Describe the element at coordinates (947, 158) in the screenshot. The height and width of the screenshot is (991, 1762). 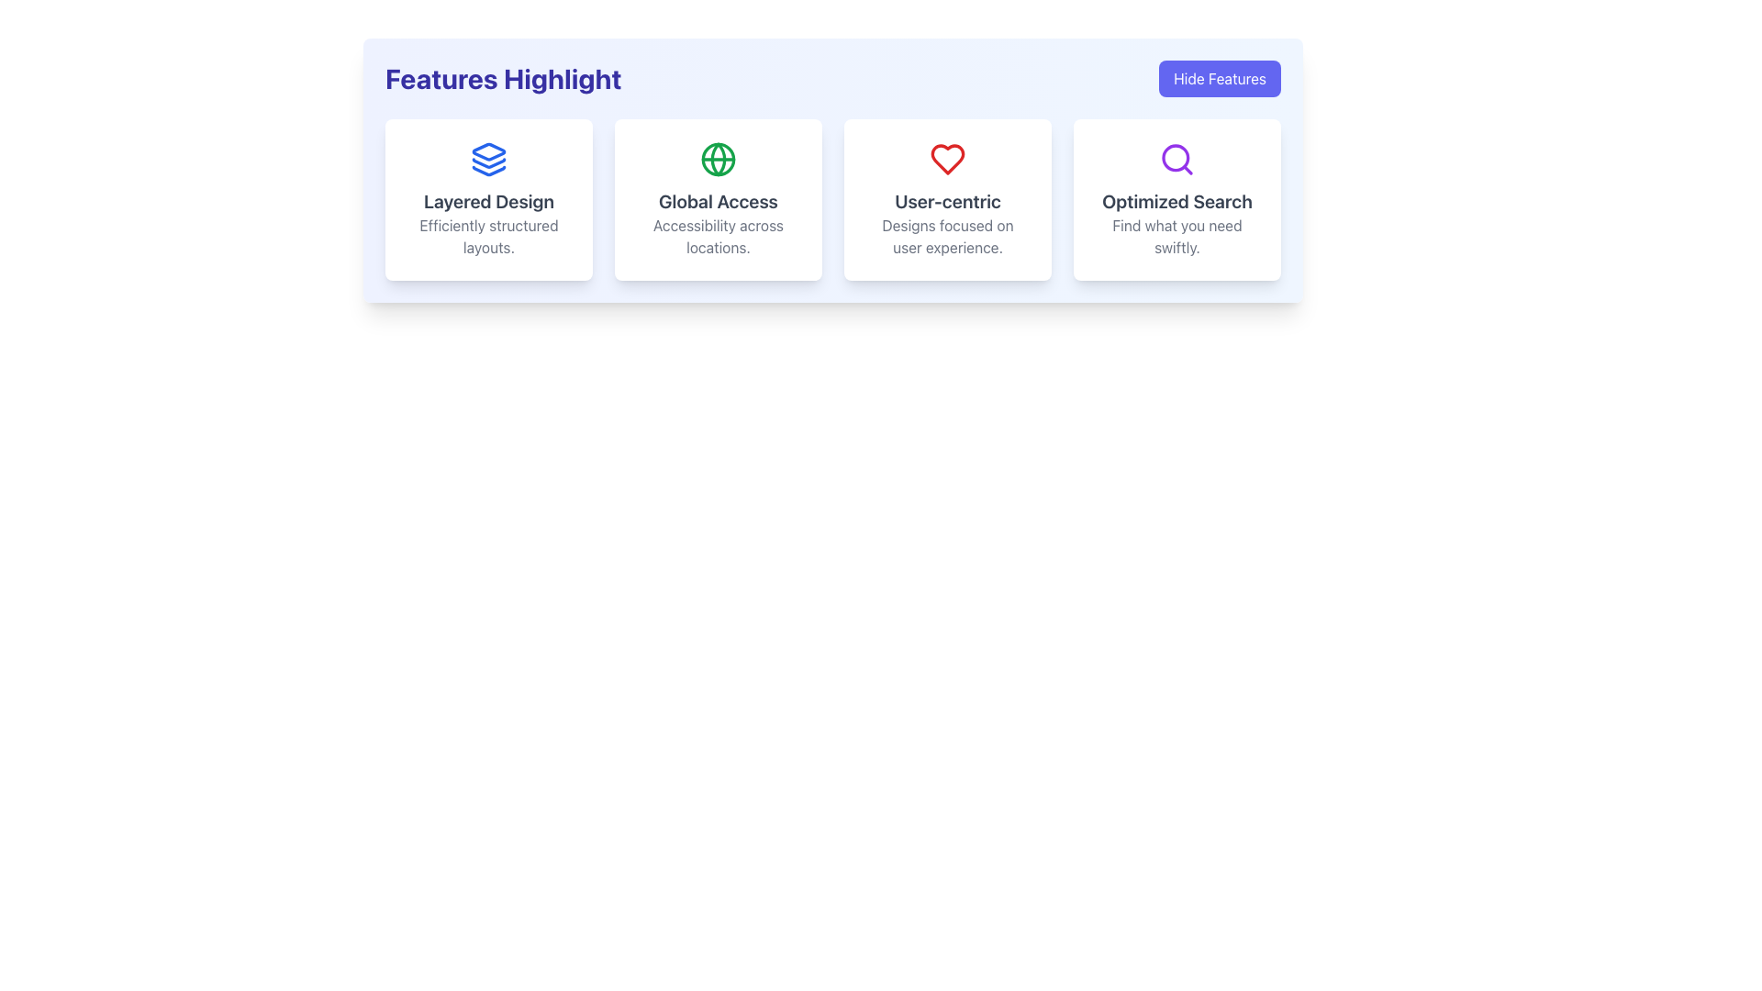
I see `the central part of the heart icon representing the 'User-centric' feature in the third card of the horizontal row of feature cards` at that location.